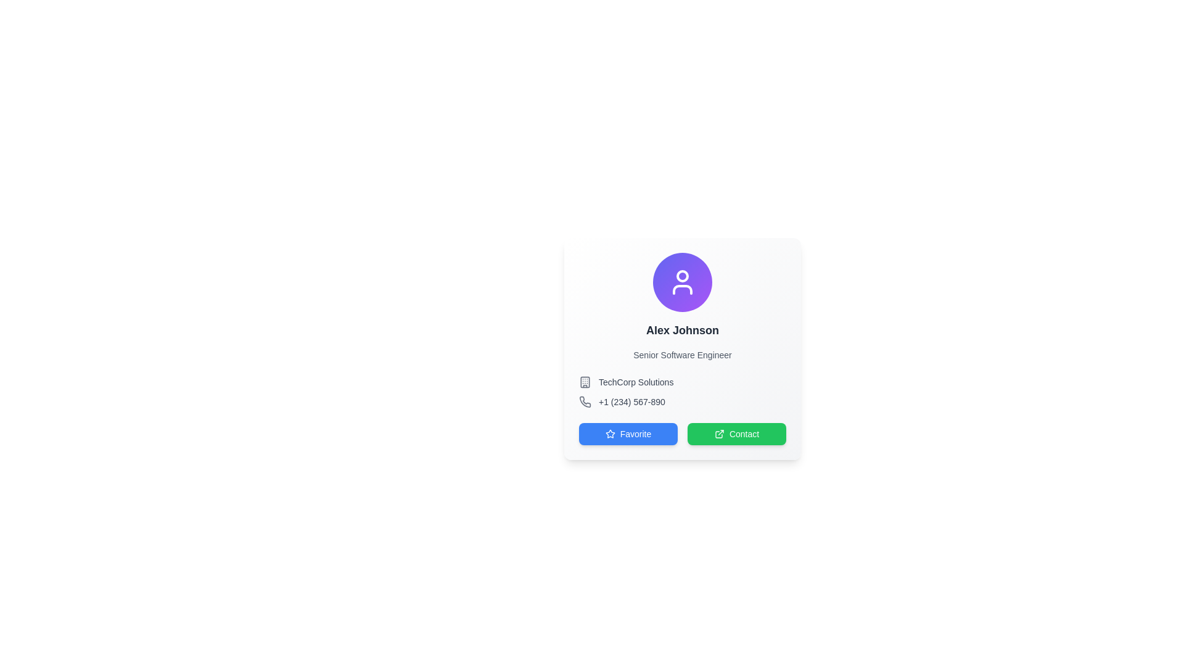 The image size is (1184, 666). Describe the element at coordinates (610, 434) in the screenshot. I see `the star icon located at the center-left of the 'Favorite' button on the lower left side of the card layout, which signifies a 'favorite' marking functionality` at that location.